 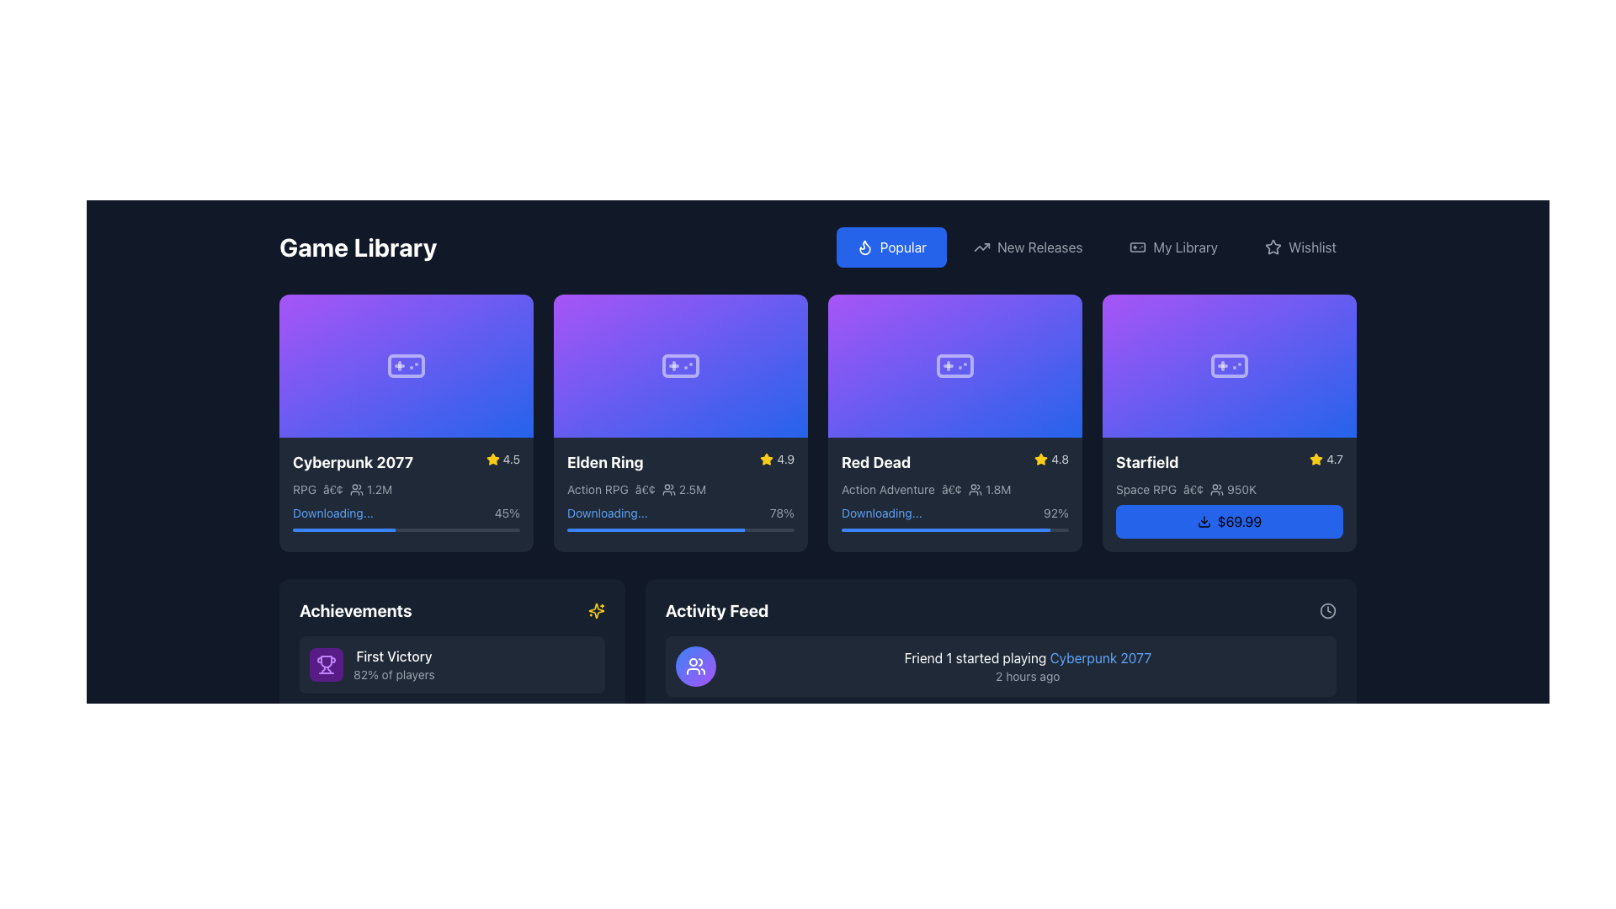 What do you see at coordinates (327, 795) in the screenshot?
I see `the decorative vector graphic representing an achievement in the 'First Victory' card located in the Achievements section` at bounding box center [327, 795].